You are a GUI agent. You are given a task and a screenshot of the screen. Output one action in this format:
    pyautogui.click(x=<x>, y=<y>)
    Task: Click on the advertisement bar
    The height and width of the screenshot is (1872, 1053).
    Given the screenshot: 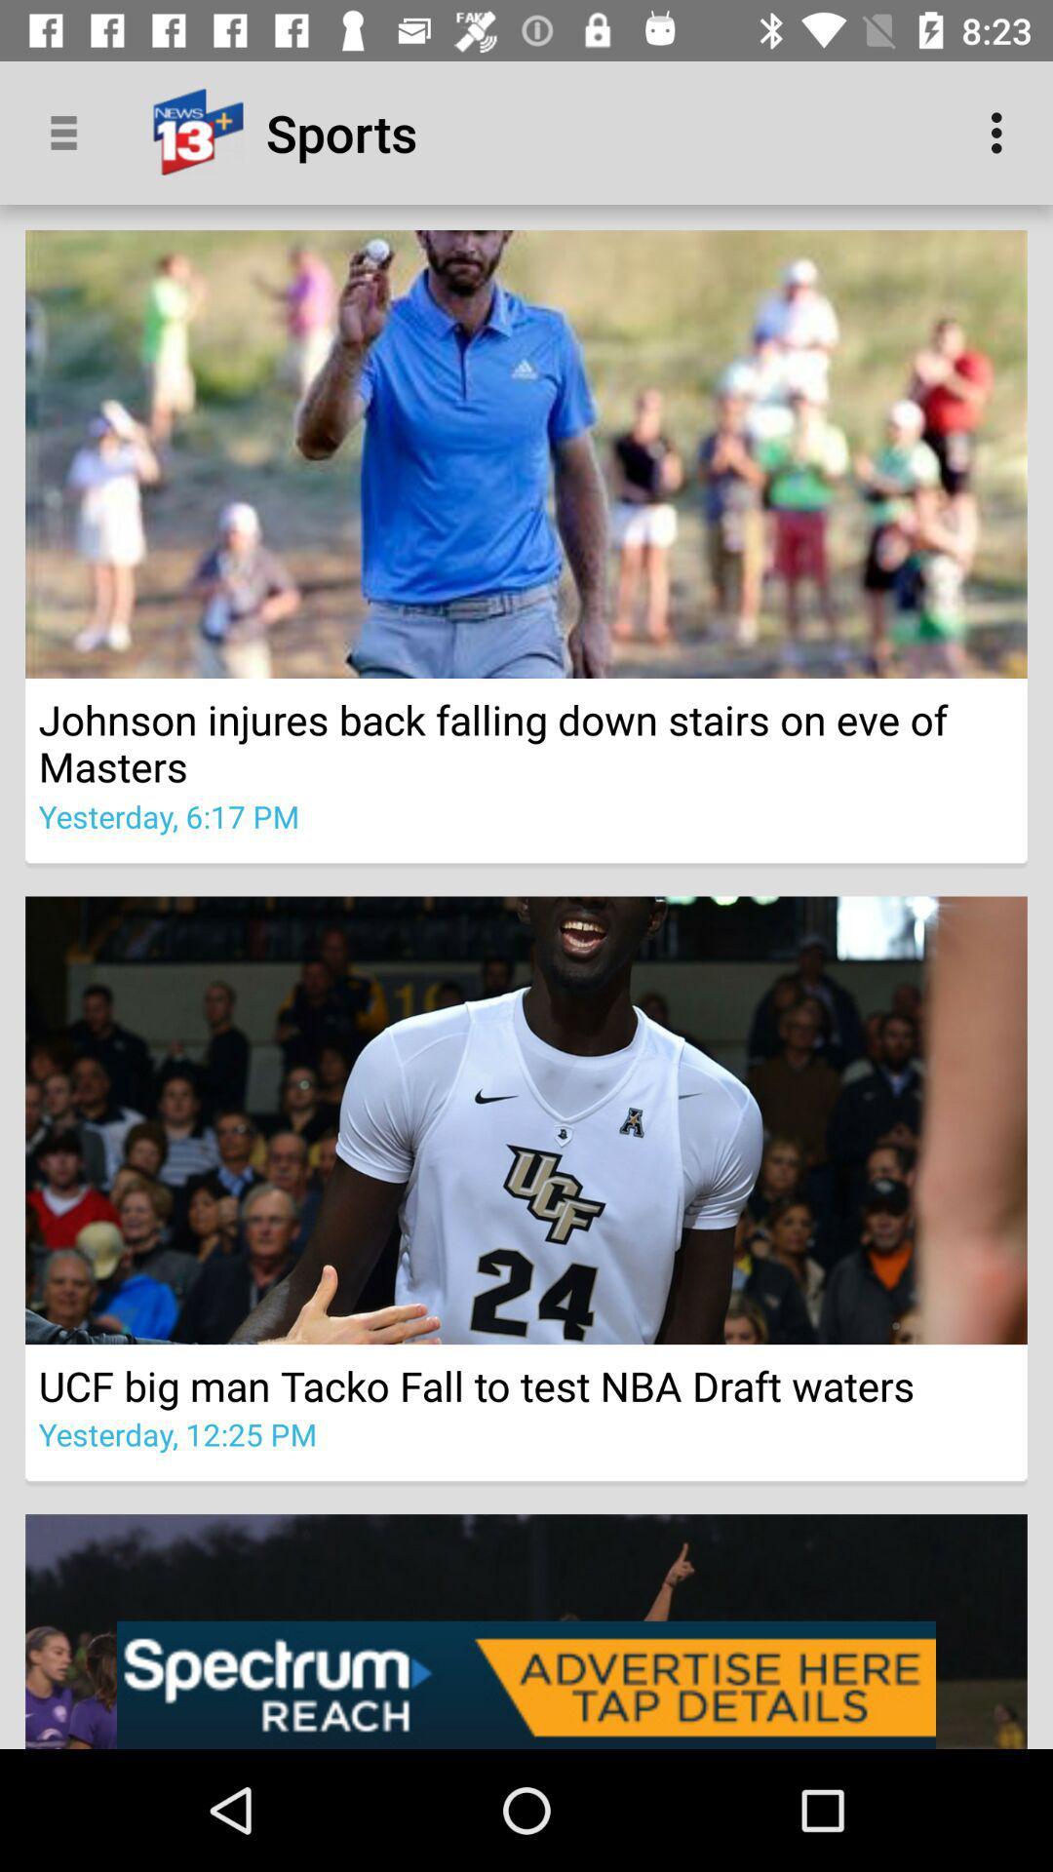 What is the action you would take?
    pyautogui.click(x=526, y=1684)
    